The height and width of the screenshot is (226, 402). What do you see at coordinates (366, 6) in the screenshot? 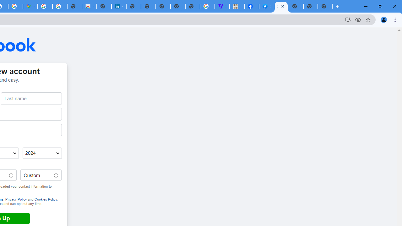
I see `'Minimize'` at bounding box center [366, 6].